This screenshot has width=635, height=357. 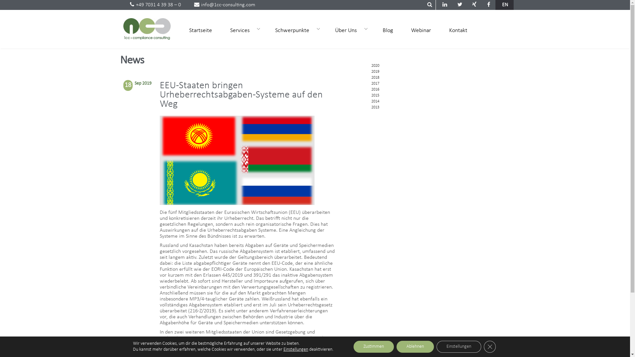 What do you see at coordinates (504, 5) in the screenshot?
I see `'EN'` at bounding box center [504, 5].